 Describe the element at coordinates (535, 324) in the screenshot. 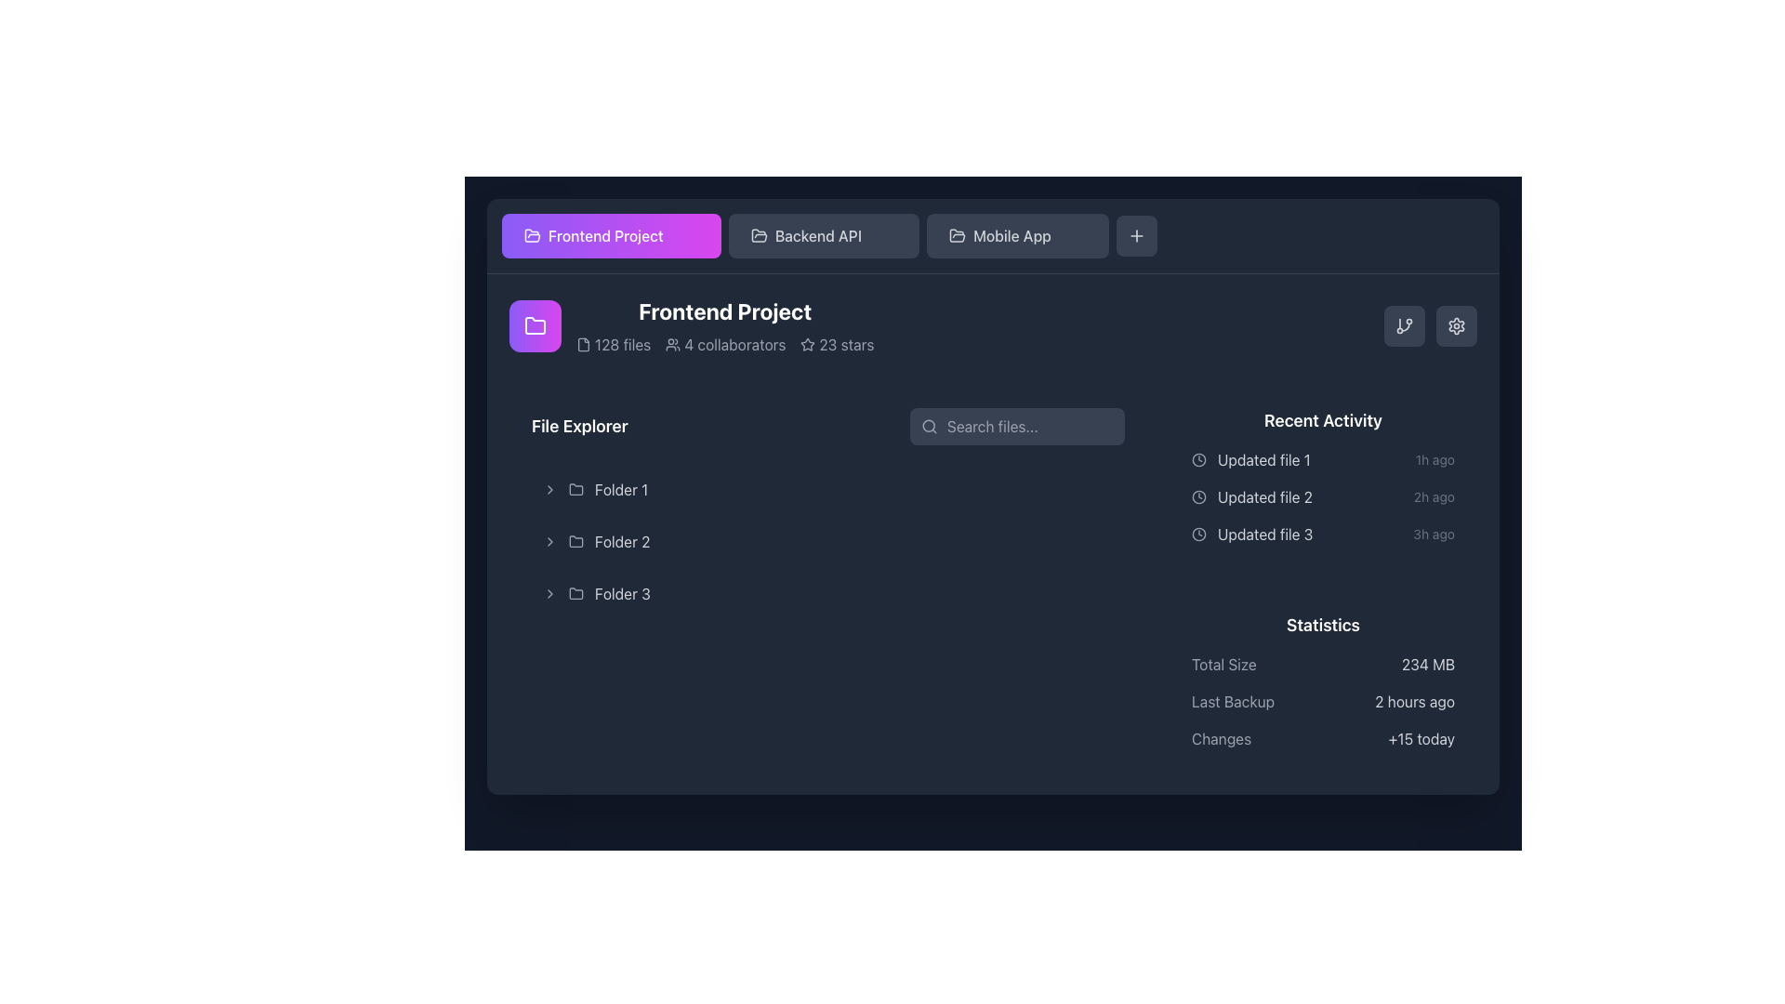

I see `the folder icon, which is an SVG graphic representation of a project, located directly above the text 'Frontend Project'` at that location.